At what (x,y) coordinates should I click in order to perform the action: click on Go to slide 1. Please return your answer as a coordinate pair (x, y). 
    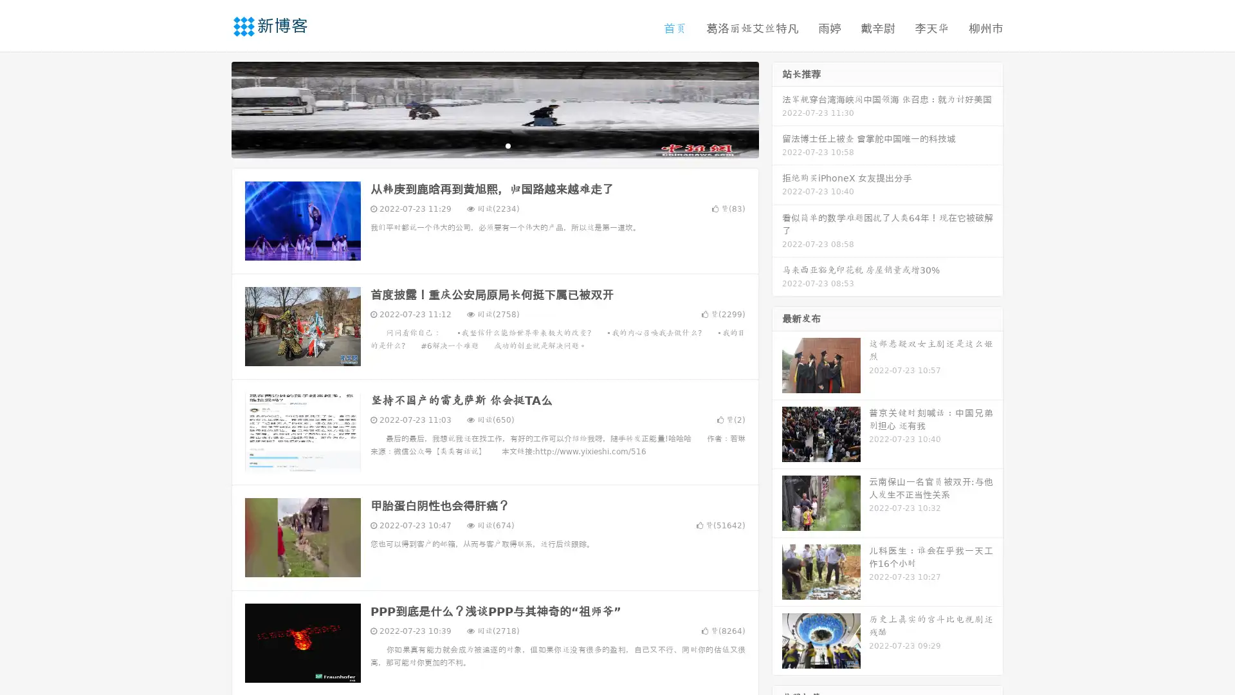
    Looking at the image, I should click on (481, 145).